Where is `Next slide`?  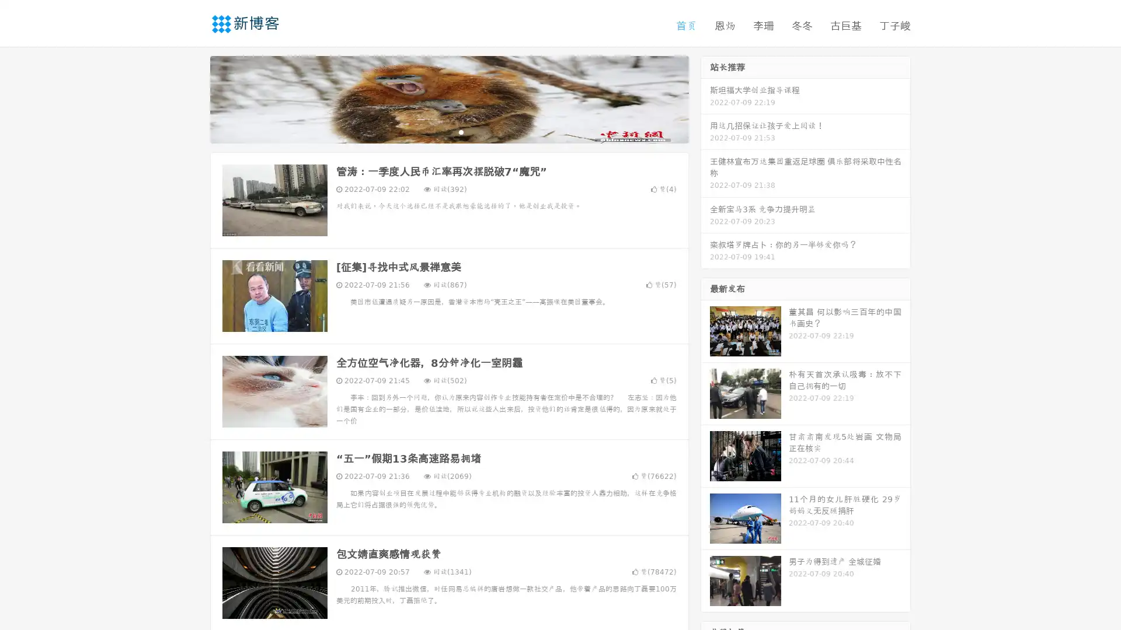 Next slide is located at coordinates (705, 98).